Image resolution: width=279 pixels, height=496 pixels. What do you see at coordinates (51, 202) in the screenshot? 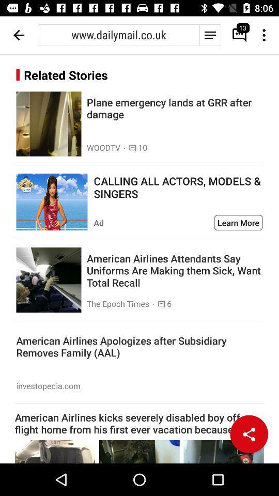
I see `advertisement` at bounding box center [51, 202].